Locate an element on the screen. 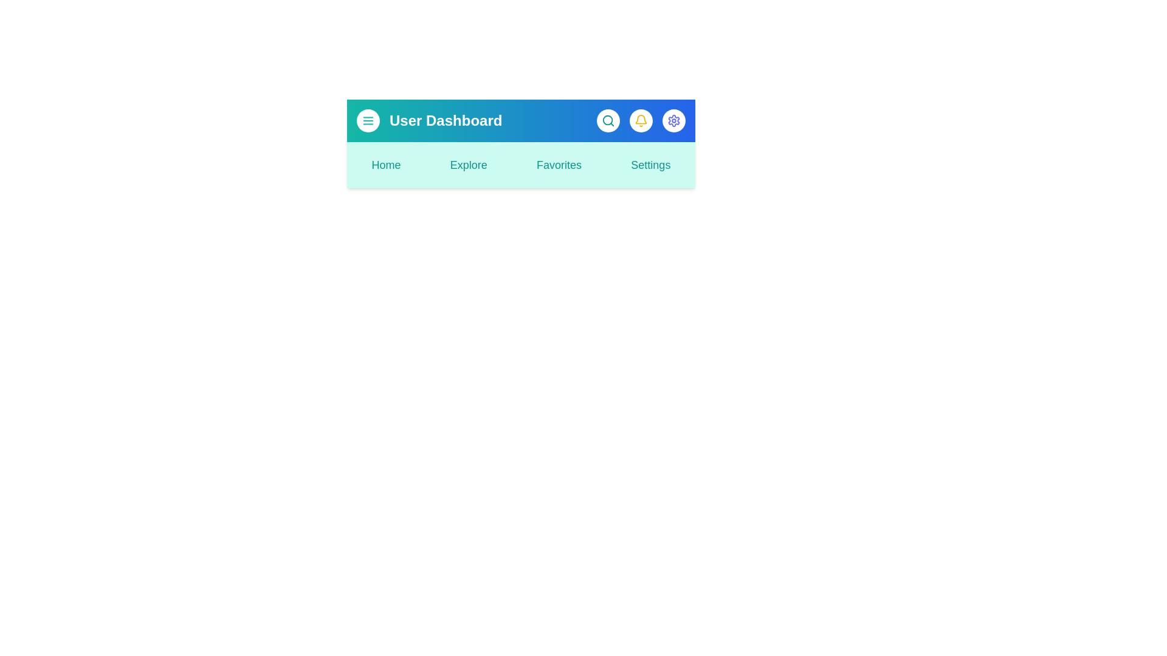 This screenshot has width=1167, height=656. the search button to activate the search functionality is located at coordinates (608, 121).